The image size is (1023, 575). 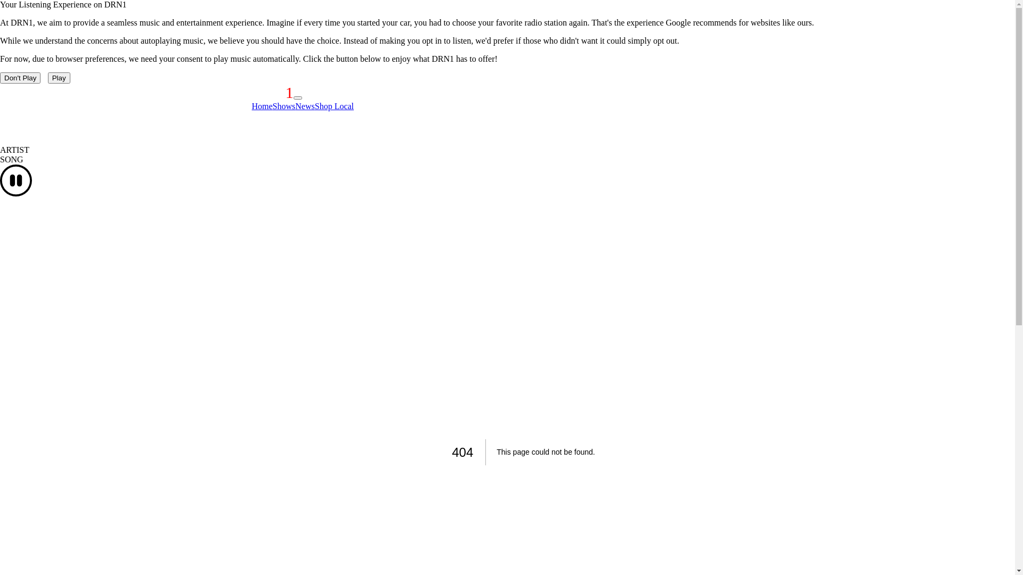 I want to click on 'Home', so click(x=250, y=106).